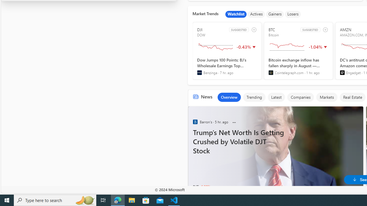  I want to click on 'DJI SUGGESTED DOW', so click(227, 51).